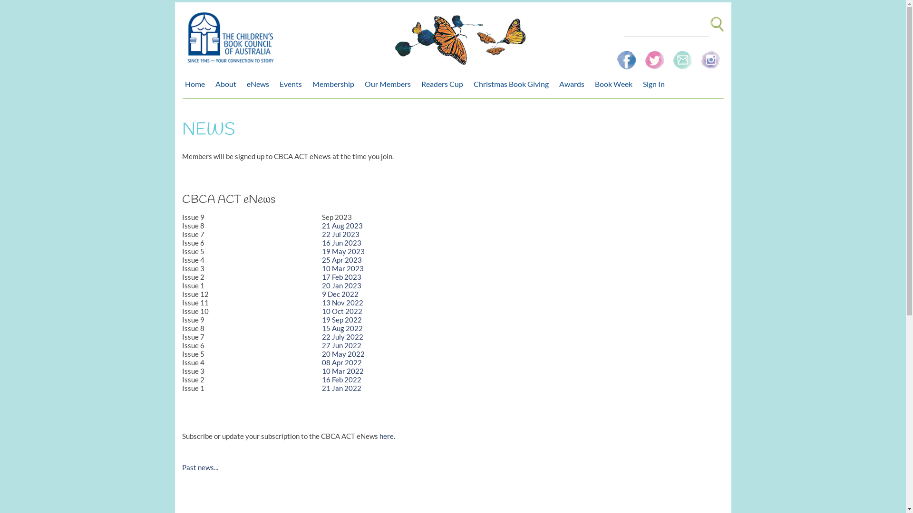 This screenshot has height=513, width=913. Describe the element at coordinates (196, 84) in the screenshot. I see `'Home'` at that location.